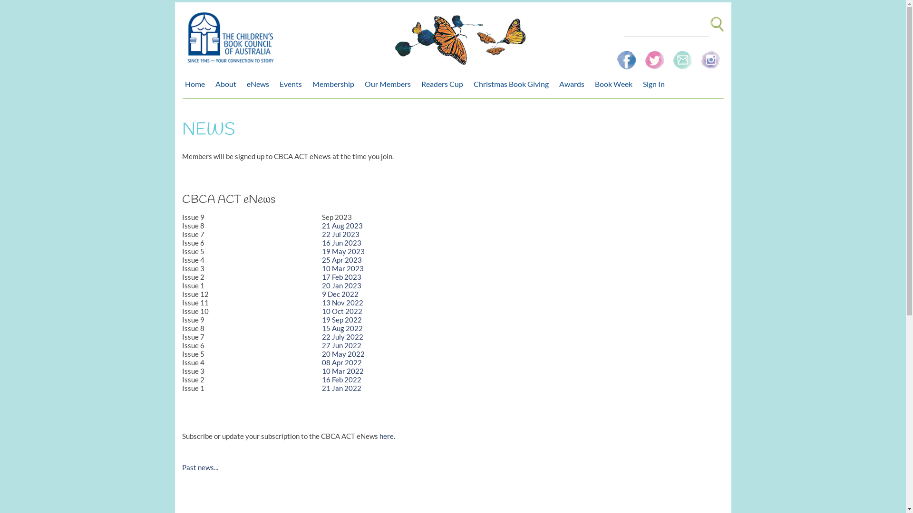 This screenshot has height=513, width=913. Describe the element at coordinates (196, 84) in the screenshot. I see `'Home'` at that location.